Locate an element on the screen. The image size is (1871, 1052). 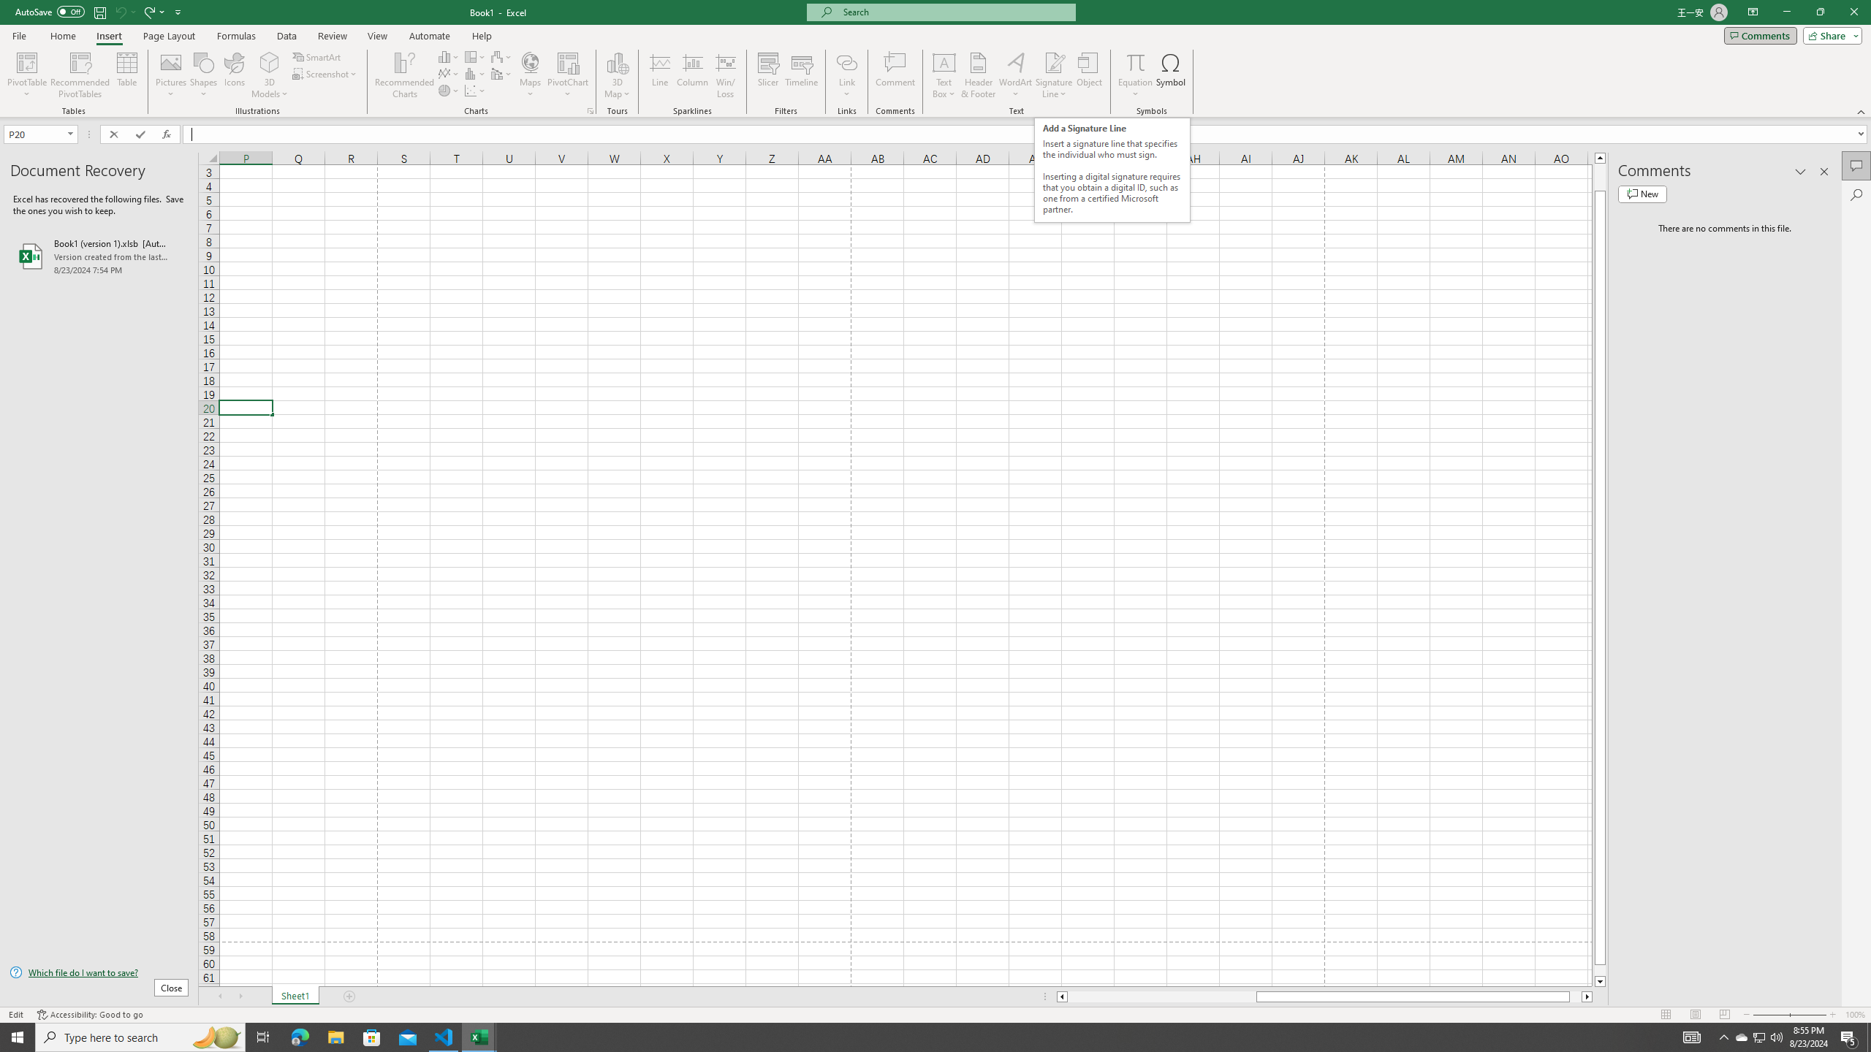
'3D Models' is located at coordinates (269, 75).